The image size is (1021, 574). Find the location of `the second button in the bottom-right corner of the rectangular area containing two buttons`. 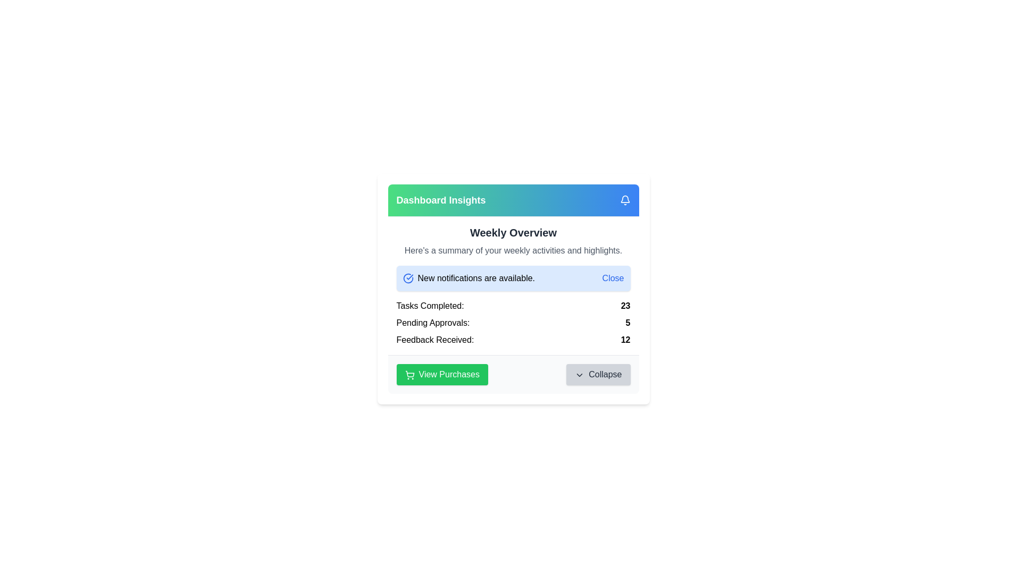

the second button in the bottom-right corner of the rectangular area containing two buttons is located at coordinates (598, 374).